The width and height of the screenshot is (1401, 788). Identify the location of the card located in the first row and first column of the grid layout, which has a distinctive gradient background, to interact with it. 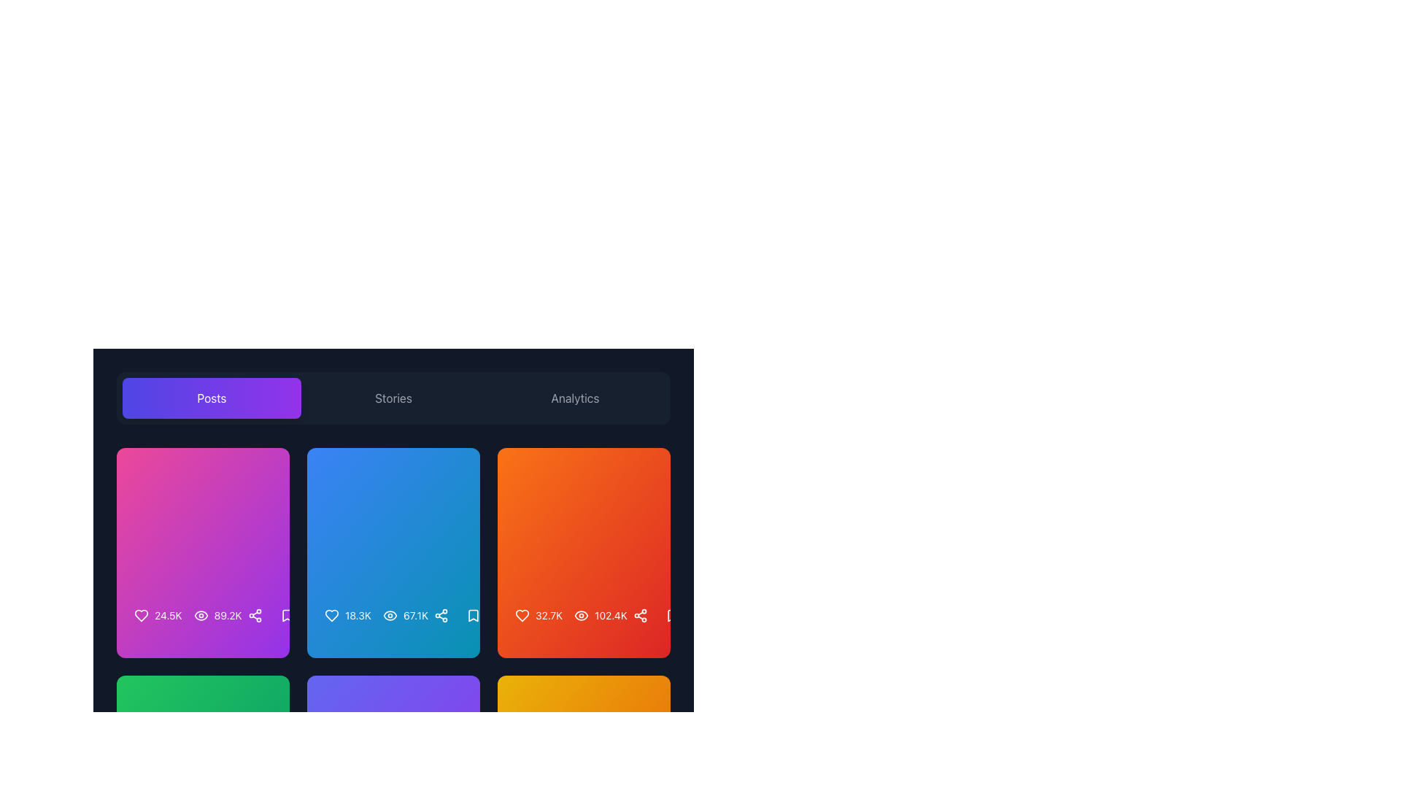
(202, 553).